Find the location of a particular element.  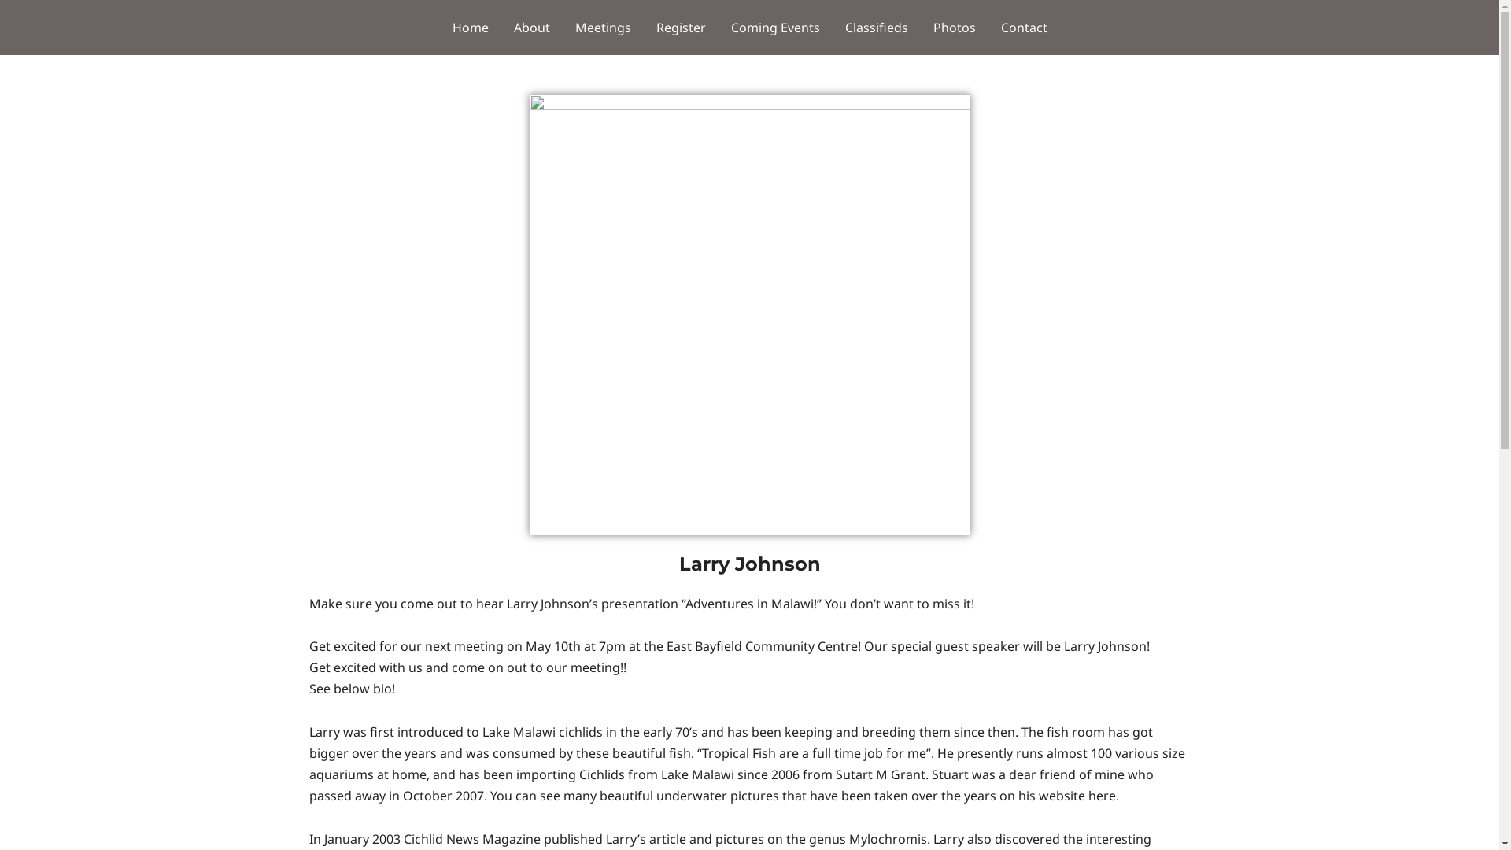

'Classifieds' is located at coordinates (831, 27).